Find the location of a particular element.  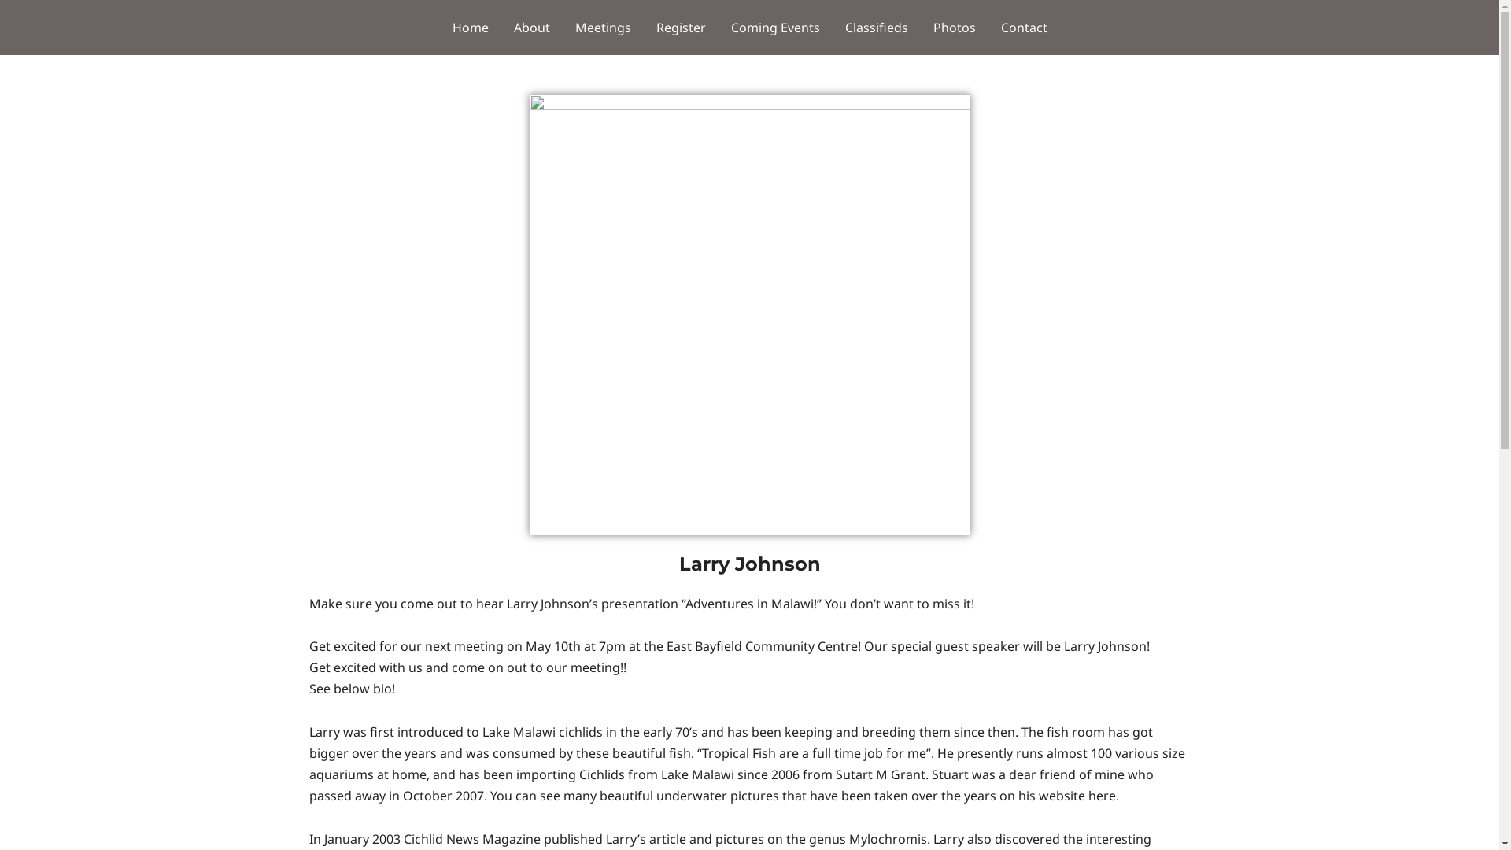

'Classifieds' is located at coordinates (831, 27).